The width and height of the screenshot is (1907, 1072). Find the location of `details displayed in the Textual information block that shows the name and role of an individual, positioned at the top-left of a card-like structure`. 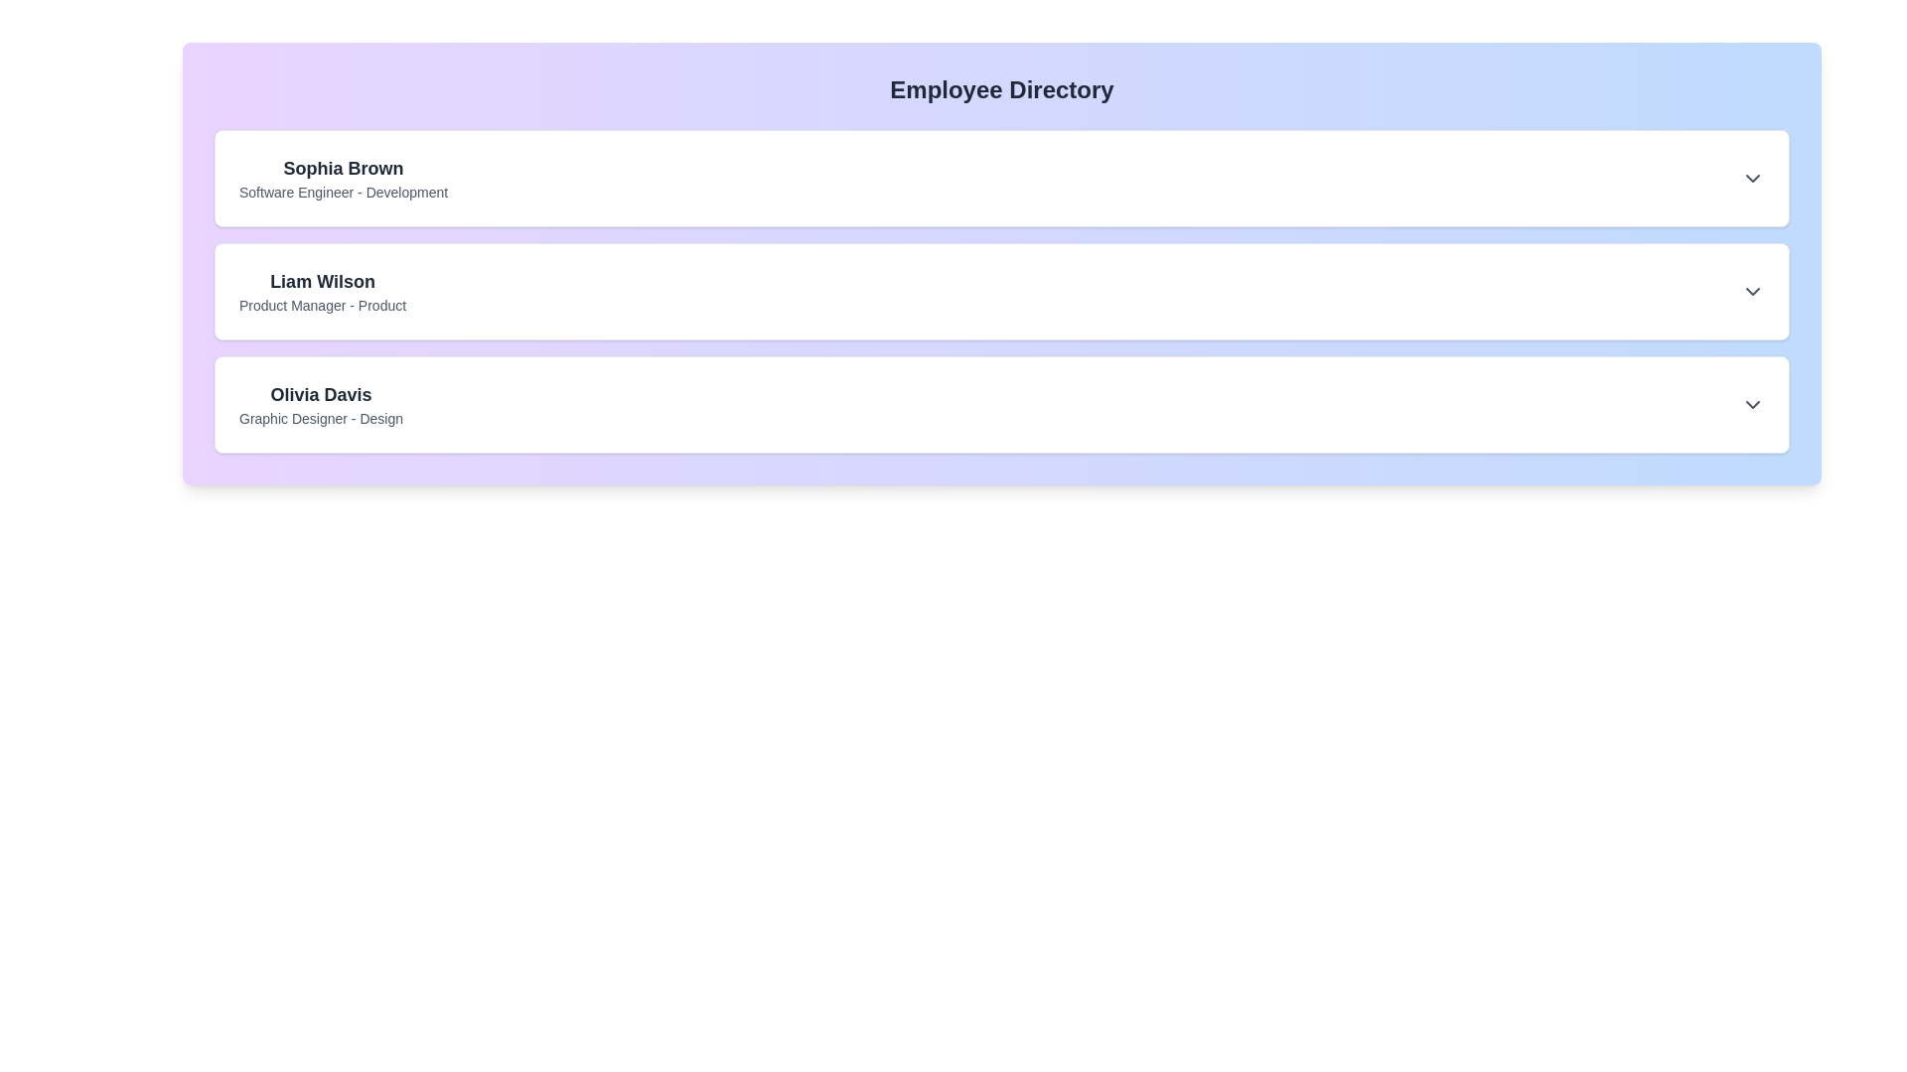

details displayed in the Textual information block that shows the name and role of an individual, positioned at the top-left of a card-like structure is located at coordinates (343, 179).